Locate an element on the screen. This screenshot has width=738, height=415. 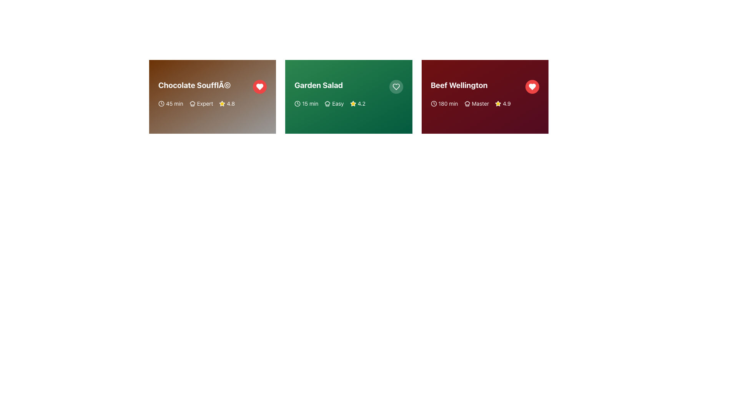
the static text label displaying the word 'Easy', which is styled in small green font and located within the 'Garden Salad' card, positioned between the time and rating icons is located at coordinates (338, 104).